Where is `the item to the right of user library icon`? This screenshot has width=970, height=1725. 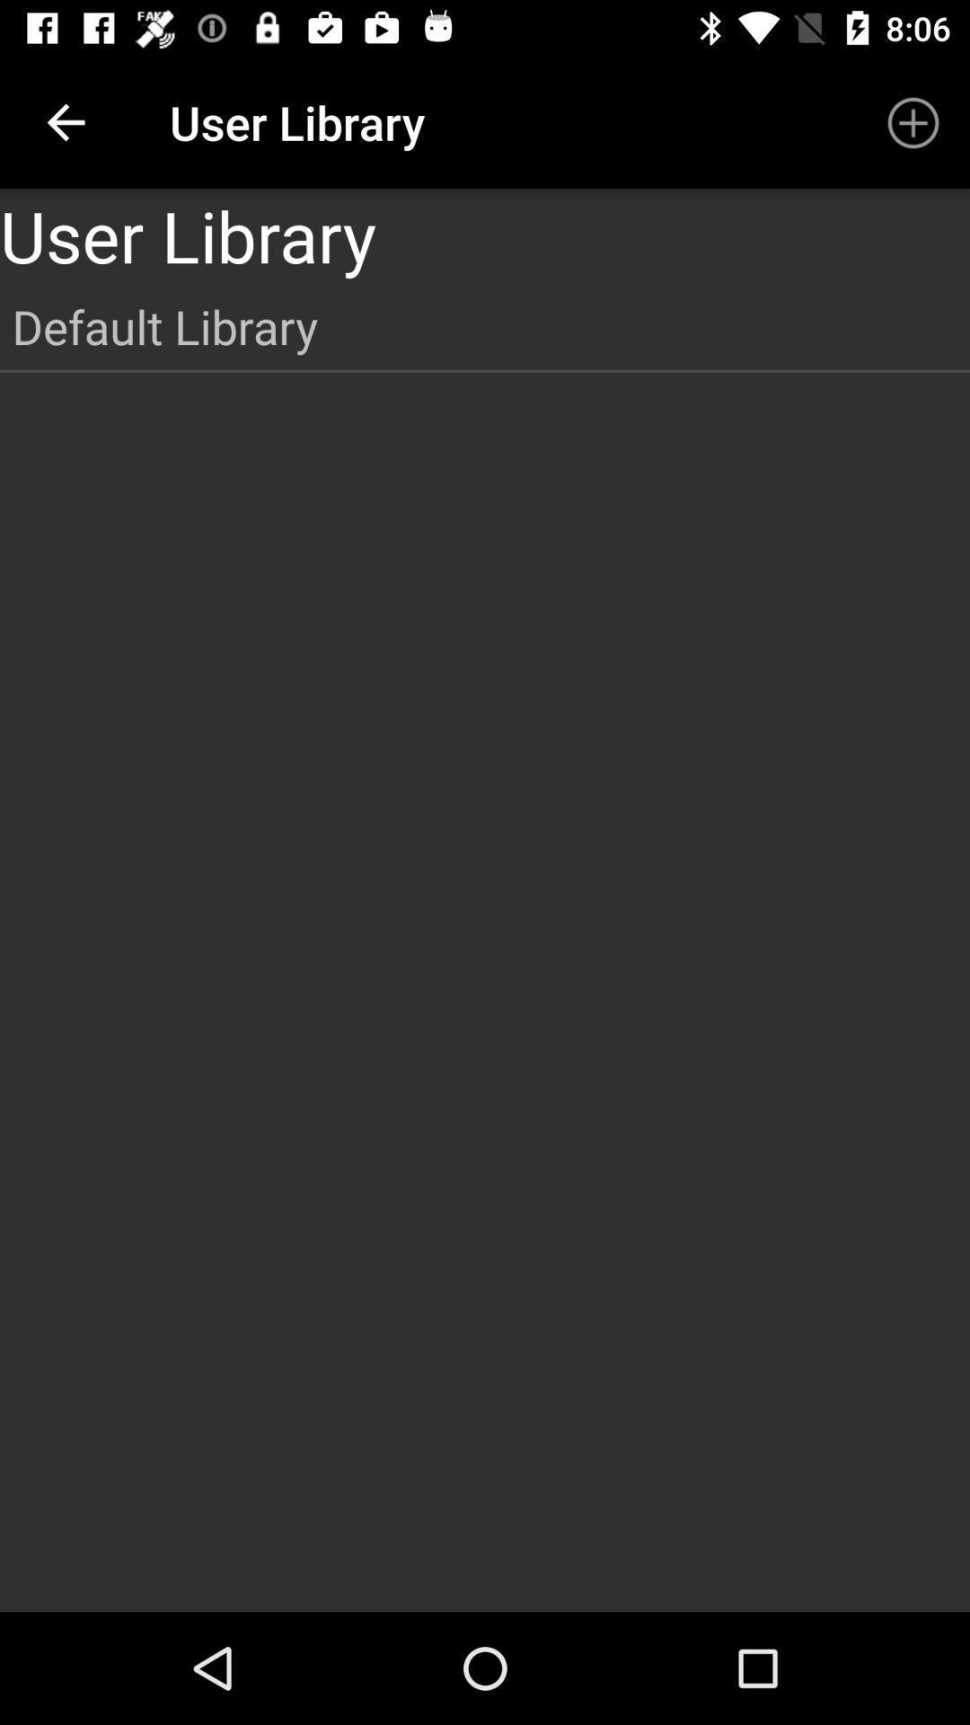
the item to the right of user library icon is located at coordinates (913, 121).